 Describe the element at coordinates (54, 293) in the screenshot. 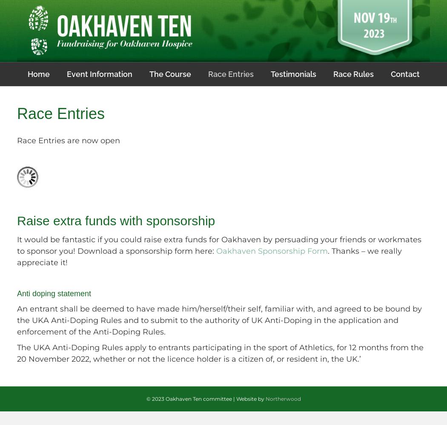

I see `'Anti doping statement'` at that location.